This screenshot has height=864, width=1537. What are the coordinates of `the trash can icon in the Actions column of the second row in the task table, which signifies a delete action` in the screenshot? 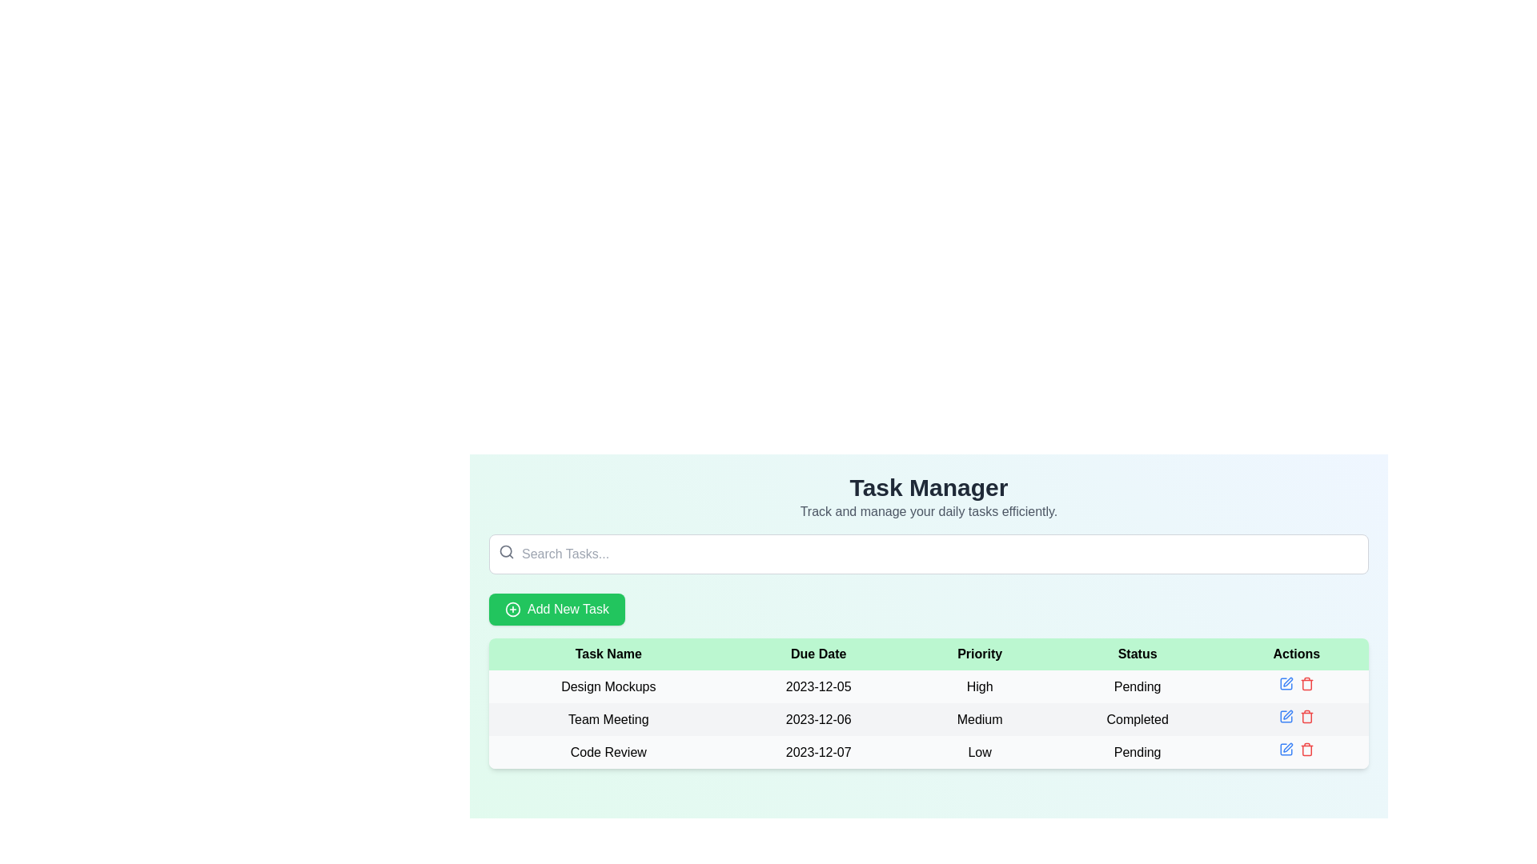 It's located at (1306, 717).